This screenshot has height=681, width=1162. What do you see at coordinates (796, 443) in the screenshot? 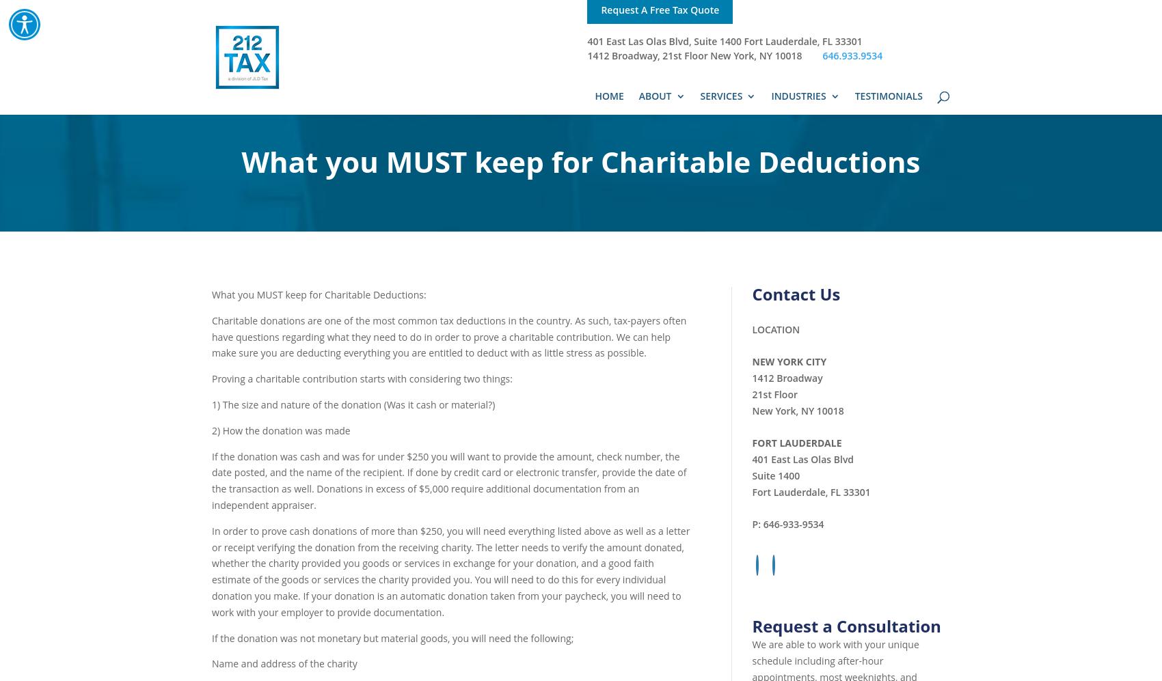
I see `'FORT LAUDERDALE'` at bounding box center [796, 443].